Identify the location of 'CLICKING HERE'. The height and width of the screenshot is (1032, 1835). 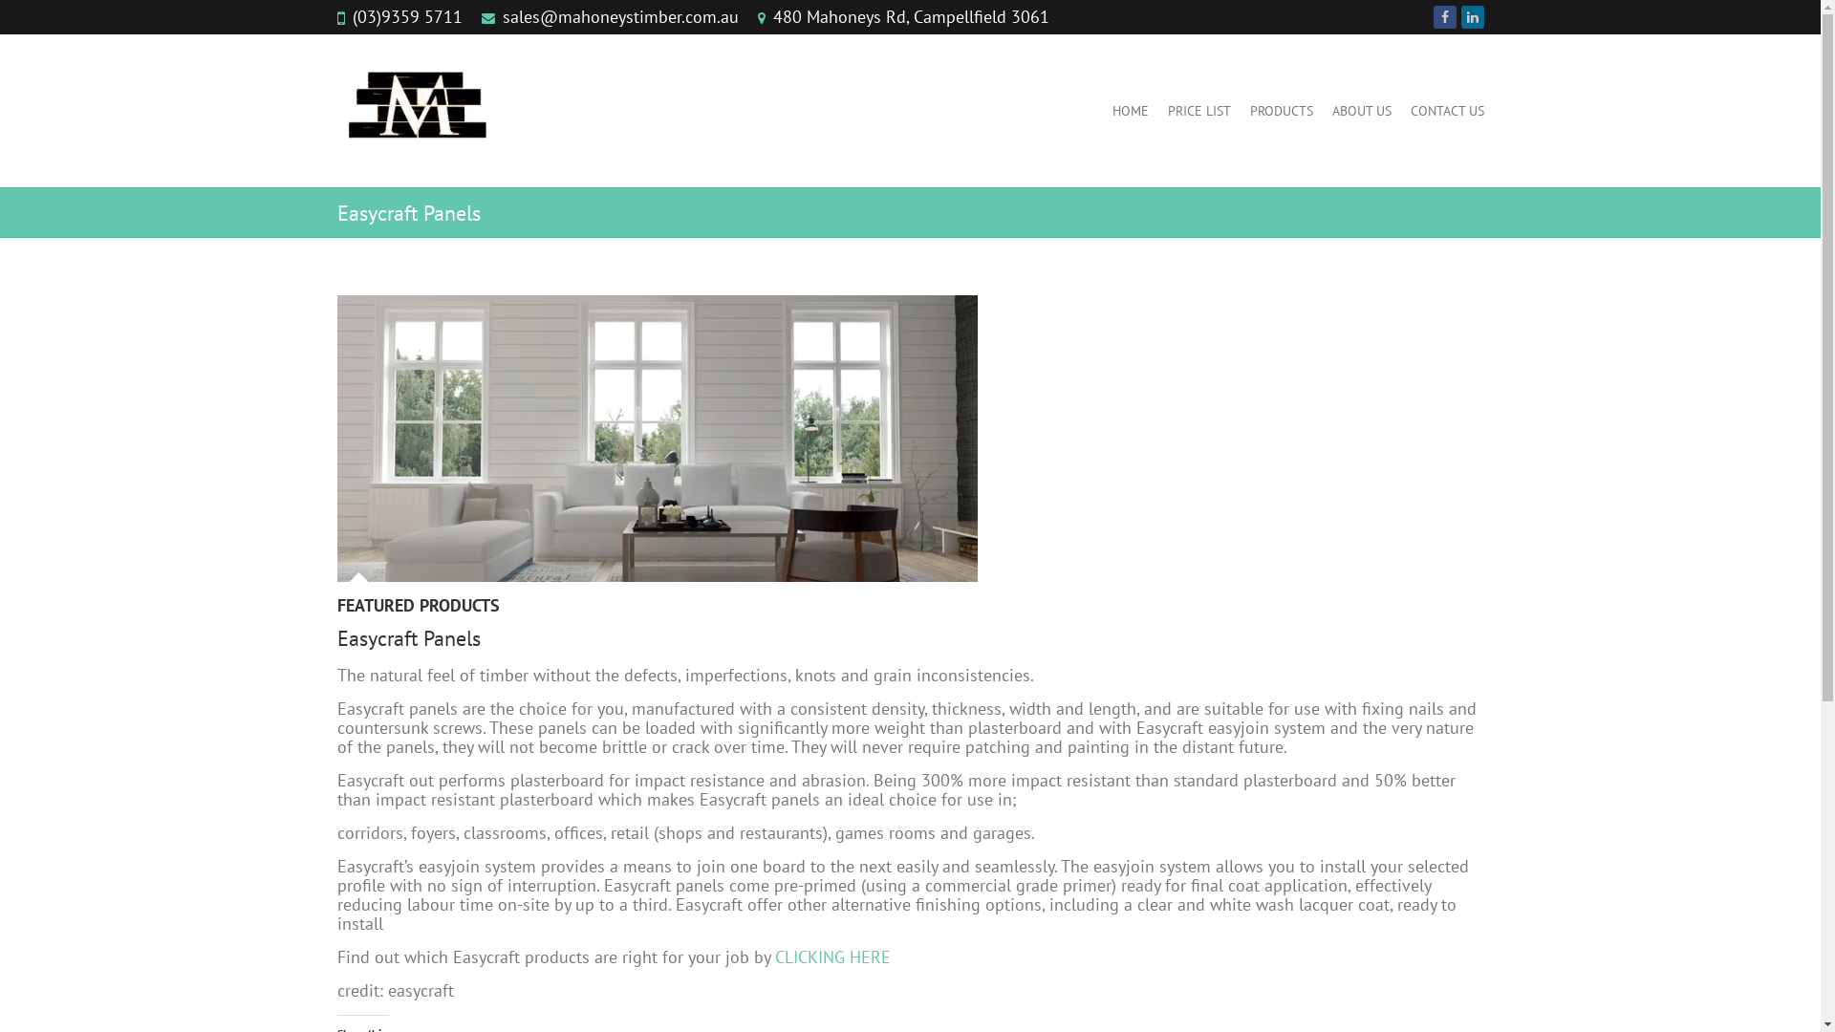
(831, 957).